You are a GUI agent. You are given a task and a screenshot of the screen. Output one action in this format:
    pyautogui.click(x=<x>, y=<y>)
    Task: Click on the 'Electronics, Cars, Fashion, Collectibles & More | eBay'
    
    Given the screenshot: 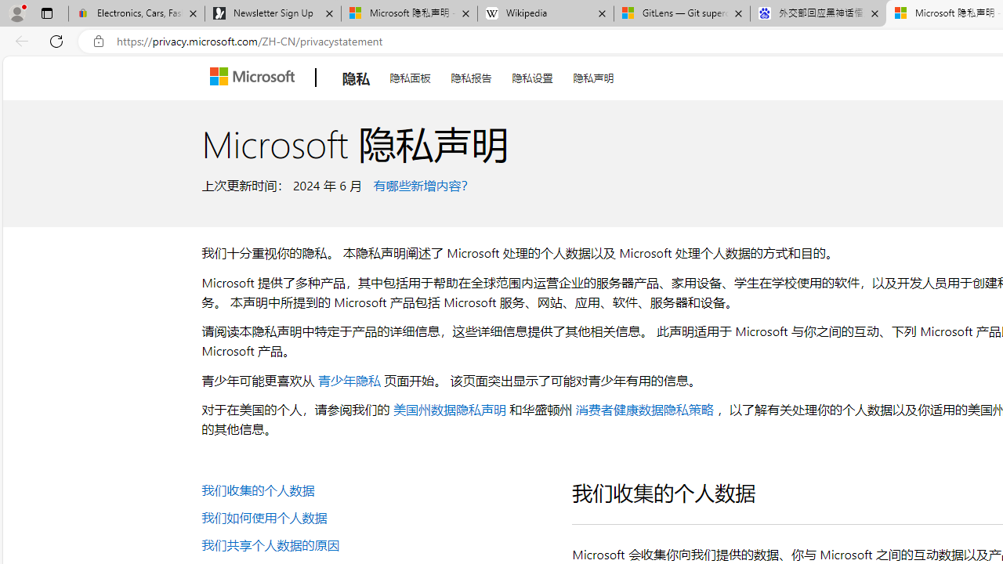 What is the action you would take?
    pyautogui.click(x=136, y=13)
    